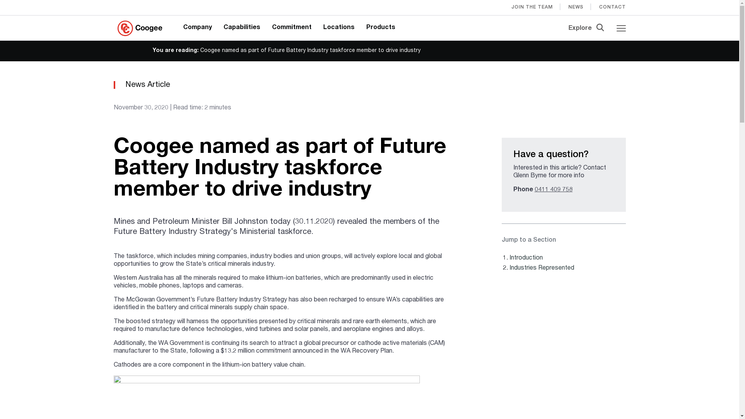 The width and height of the screenshot is (745, 419). What do you see at coordinates (587, 28) in the screenshot?
I see `'Explore'` at bounding box center [587, 28].